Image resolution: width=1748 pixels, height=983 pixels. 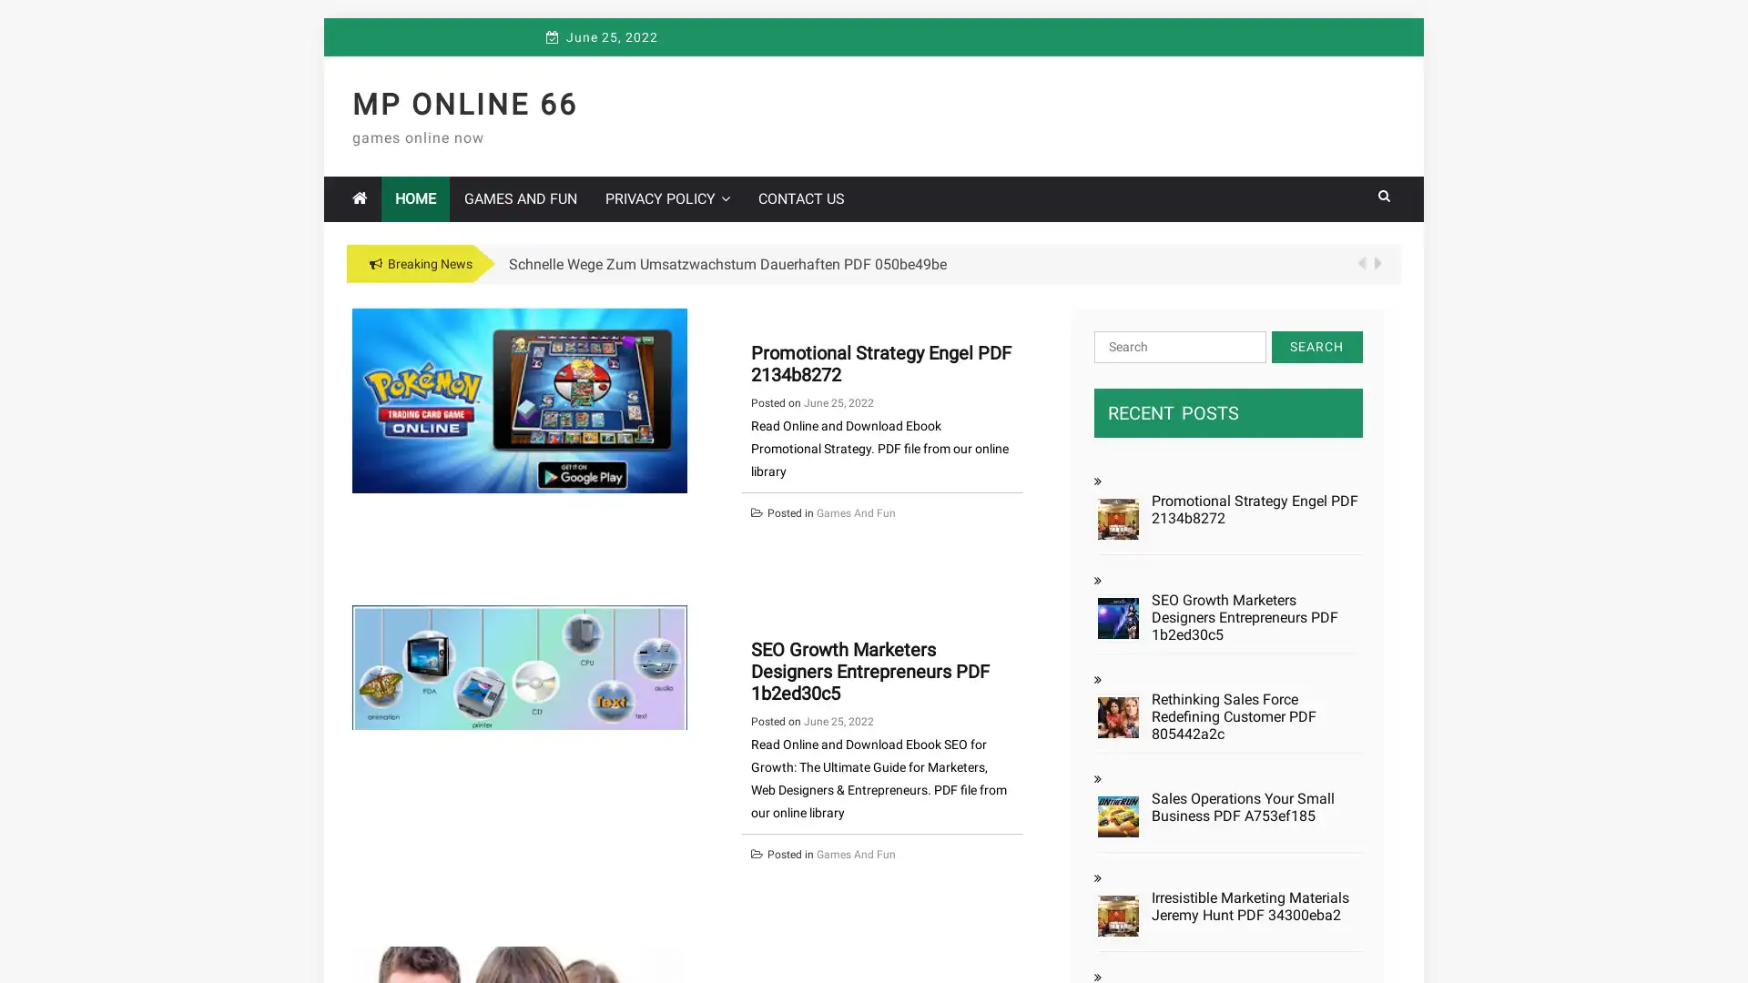 I want to click on Search, so click(x=1316, y=346).